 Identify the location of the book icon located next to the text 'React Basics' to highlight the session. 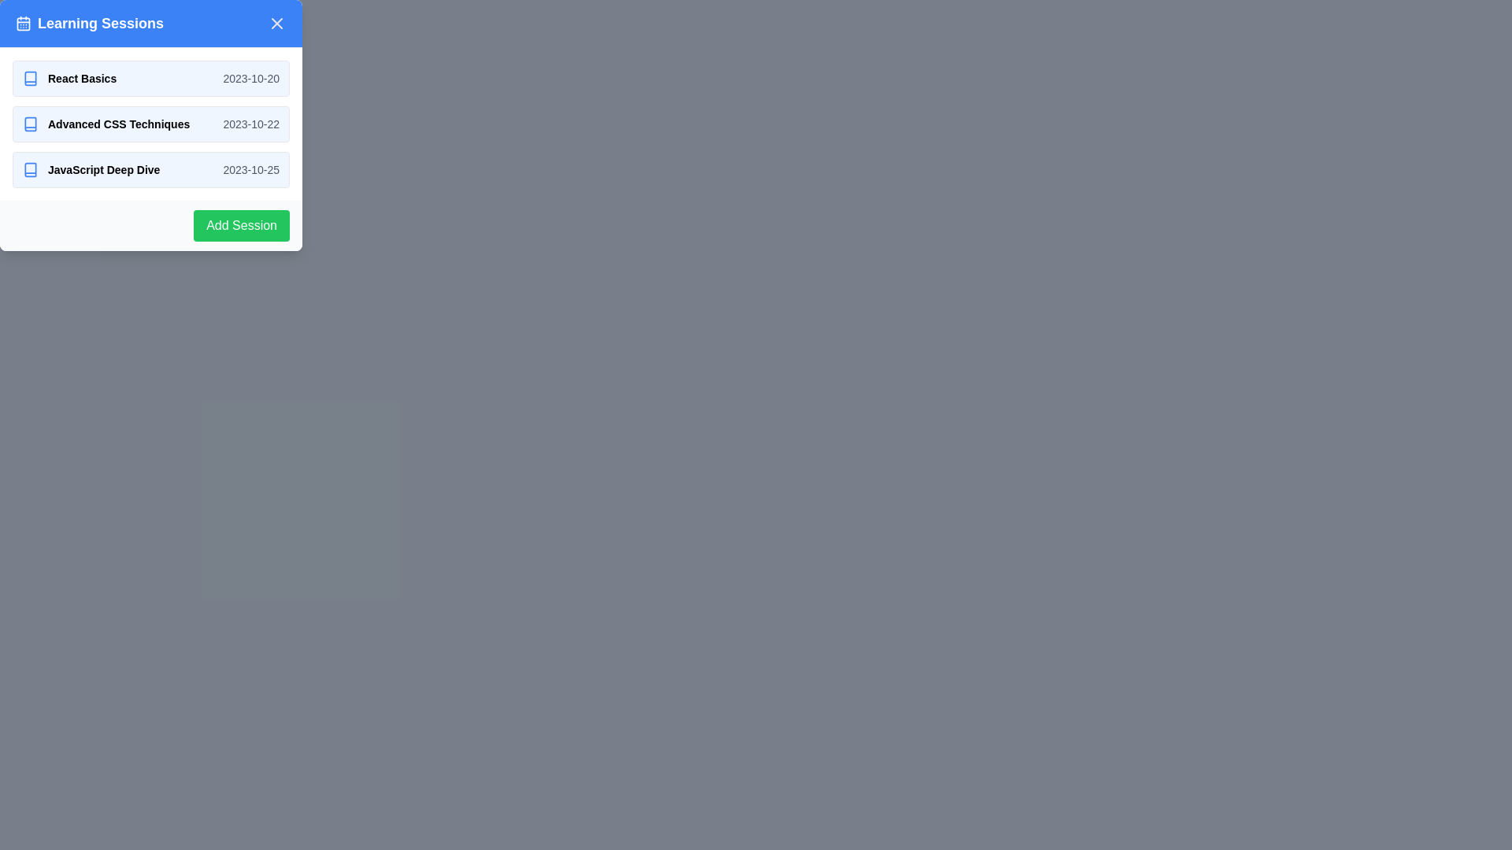
(30, 79).